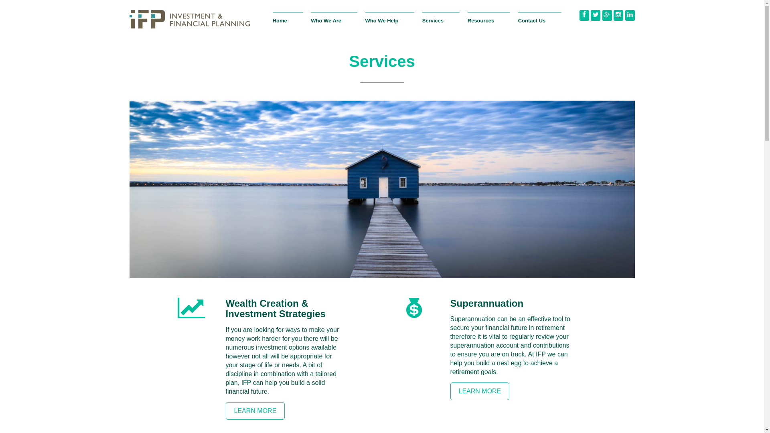 This screenshot has height=433, width=770. What do you see at coordinates (288, 24) in the screenshot?
I see `'Home'` at bounding box center [288, 24].